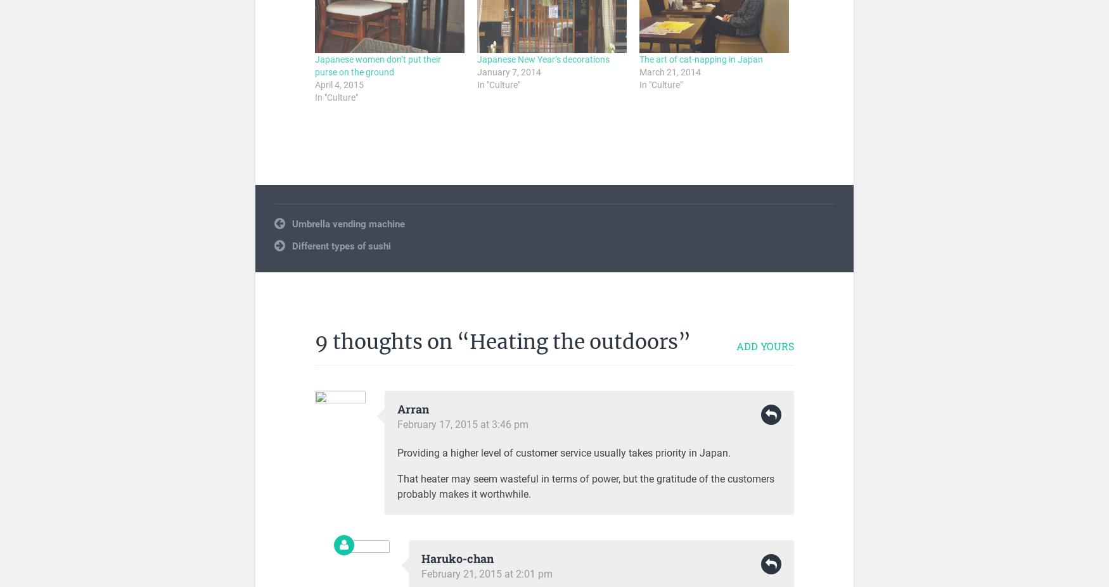 The width and height of the screenshot is (1109, 587). Describe the element at coordinates (764, 345) in the screenshot. I see `'Add yours'` at that location.